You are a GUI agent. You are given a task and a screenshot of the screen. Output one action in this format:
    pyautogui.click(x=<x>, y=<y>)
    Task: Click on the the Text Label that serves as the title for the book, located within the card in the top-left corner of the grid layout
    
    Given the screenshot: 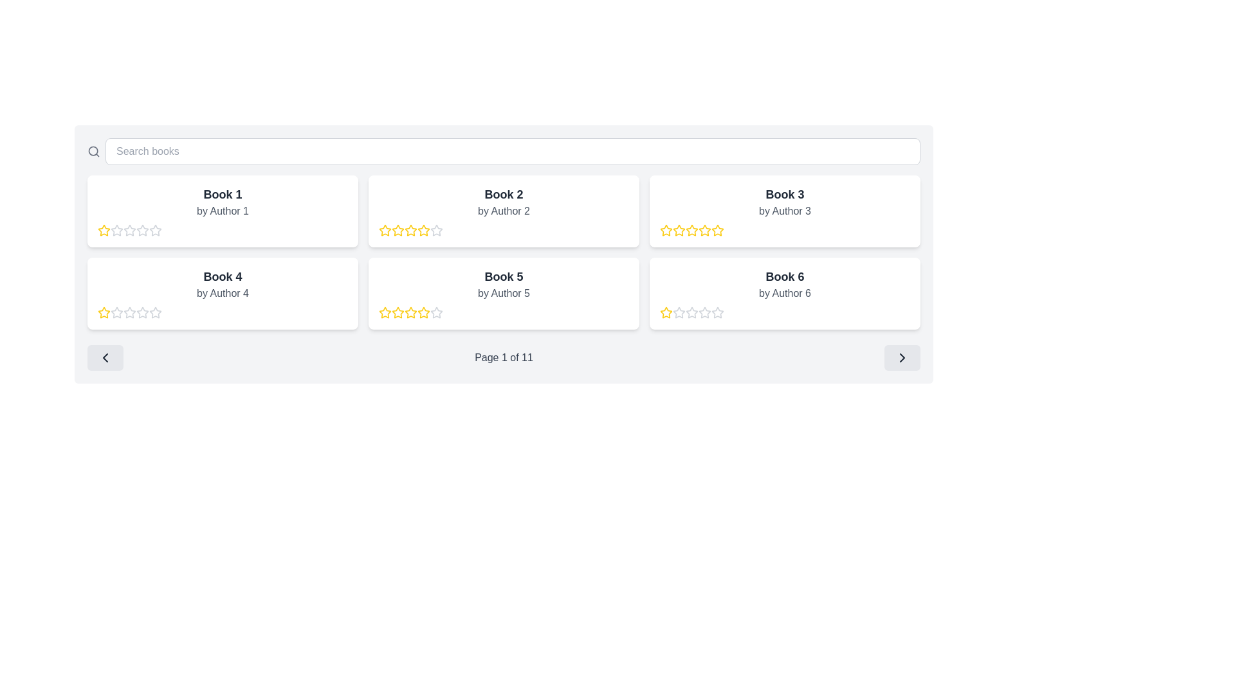 What is the action you would take?
    pyautogui.click(x=223, y=195)
    